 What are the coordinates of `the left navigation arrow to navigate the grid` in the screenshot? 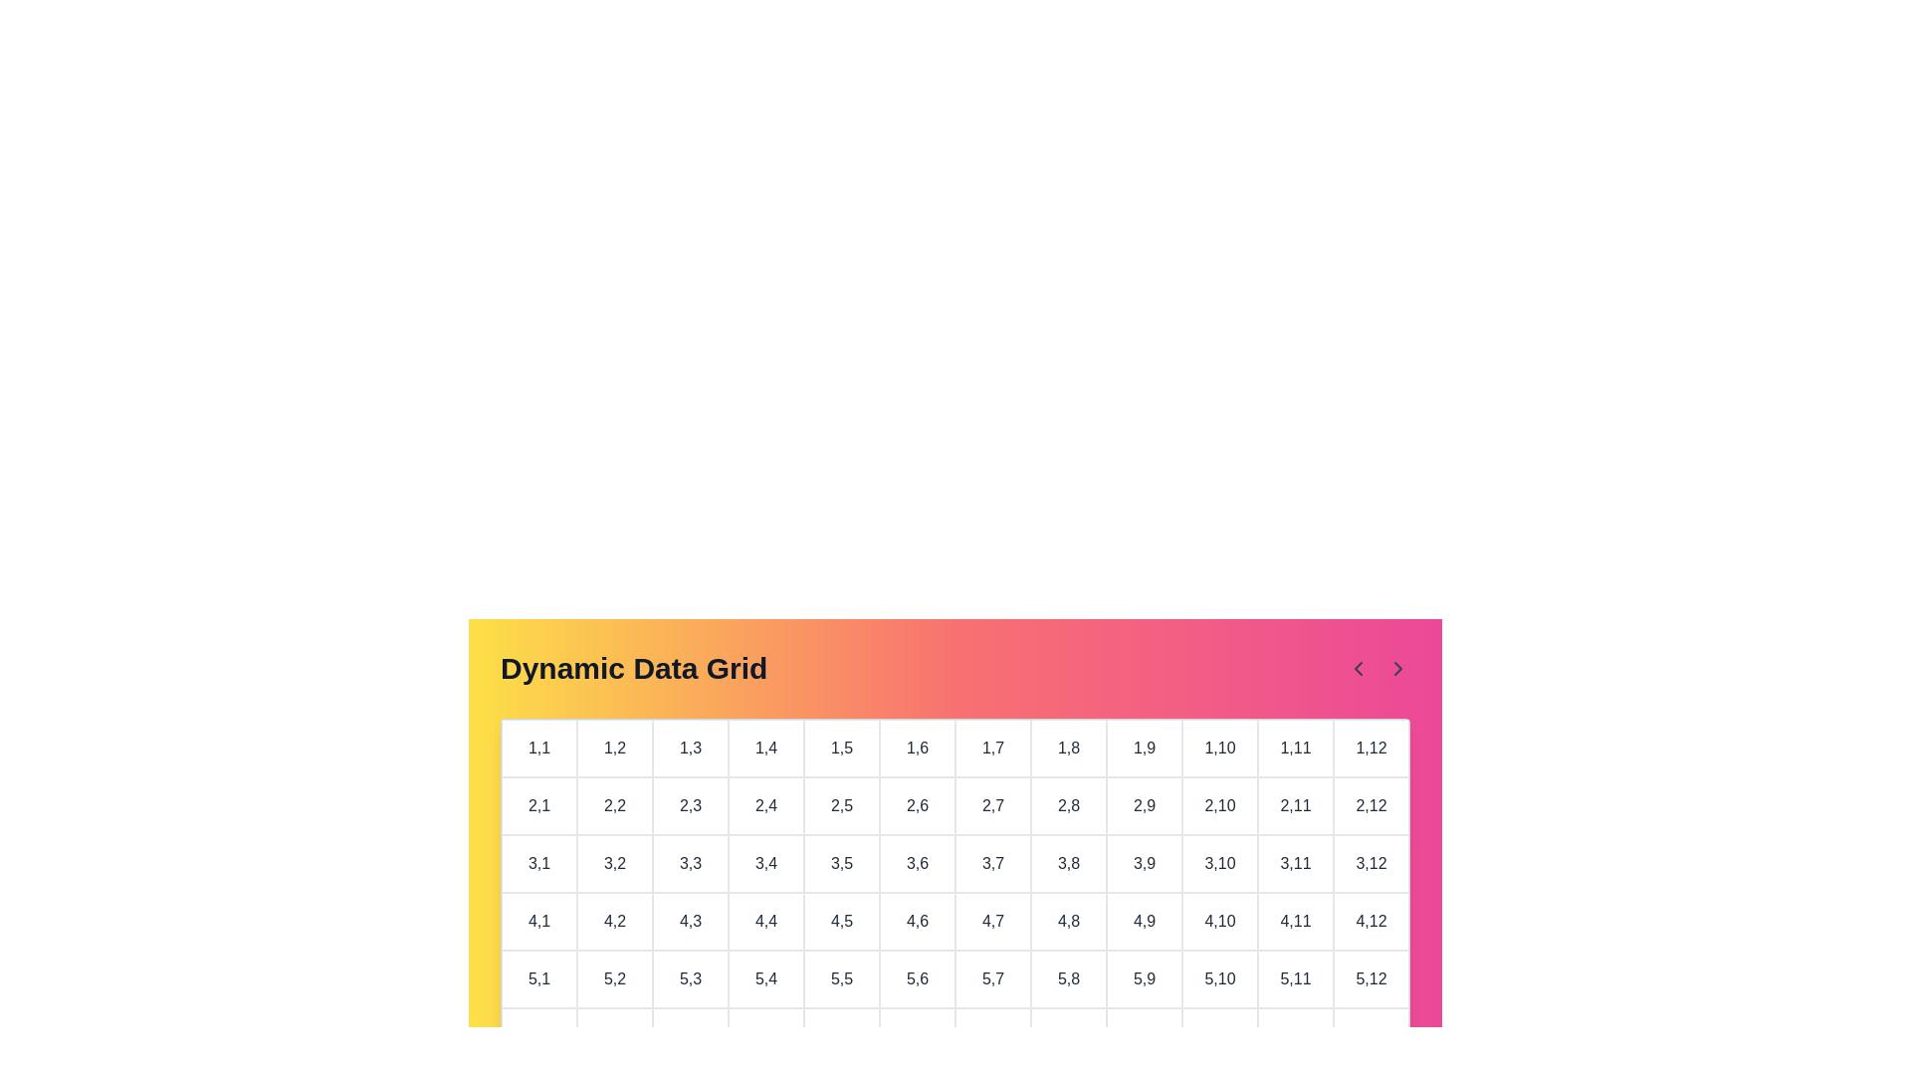 It's located at (1357, 668).